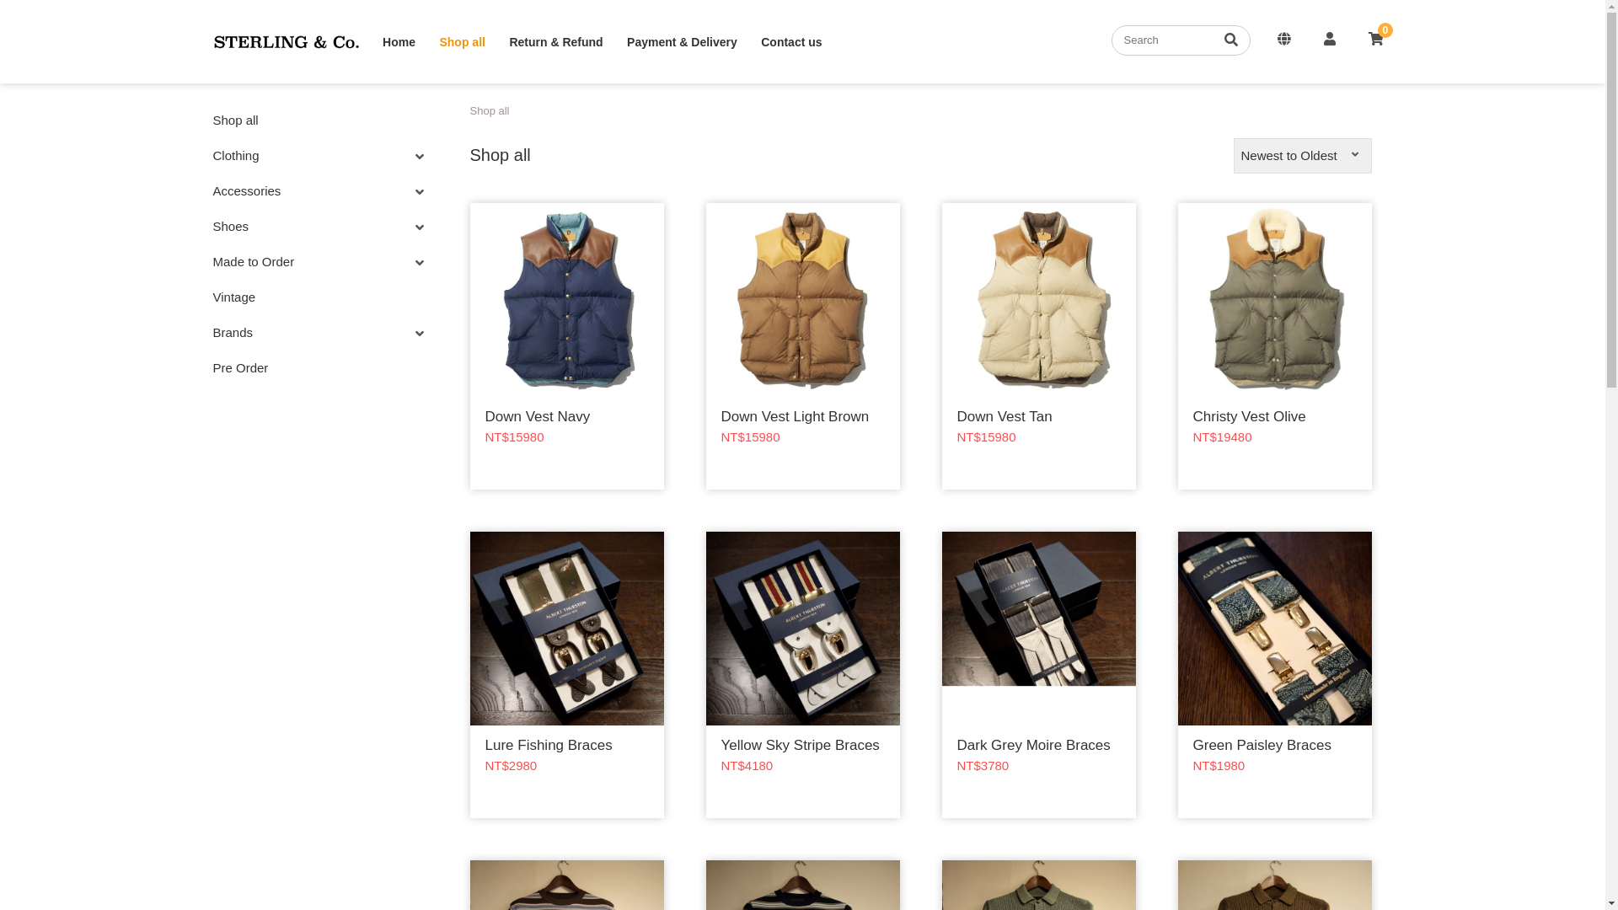  I want to click on 'Made to Order', so click(252, 261).